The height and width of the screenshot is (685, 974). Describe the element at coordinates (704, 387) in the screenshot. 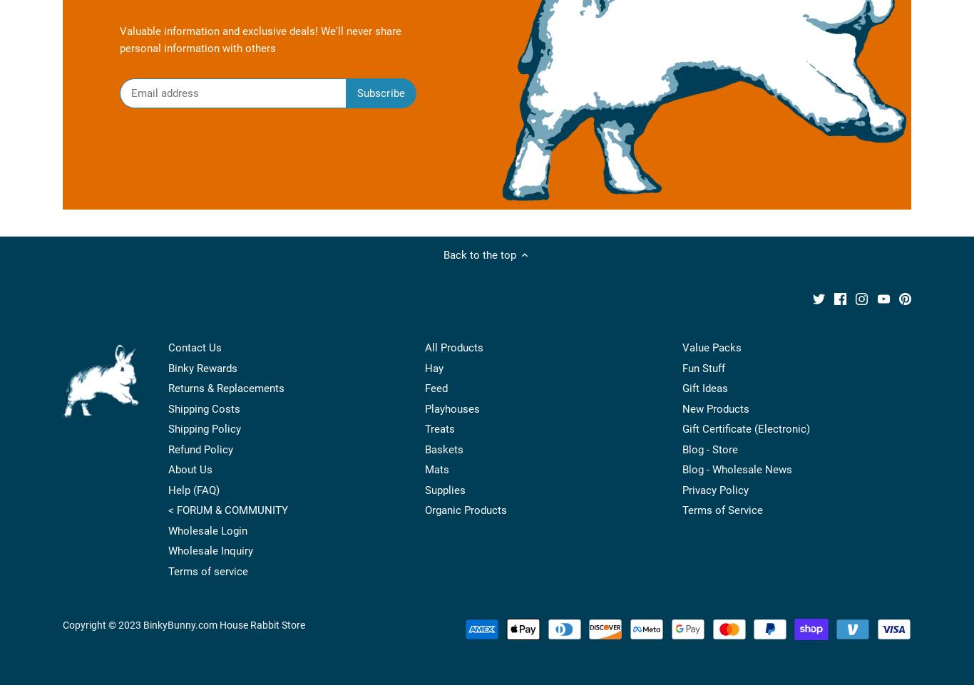

I see `'Gift Ideas'` at that location.